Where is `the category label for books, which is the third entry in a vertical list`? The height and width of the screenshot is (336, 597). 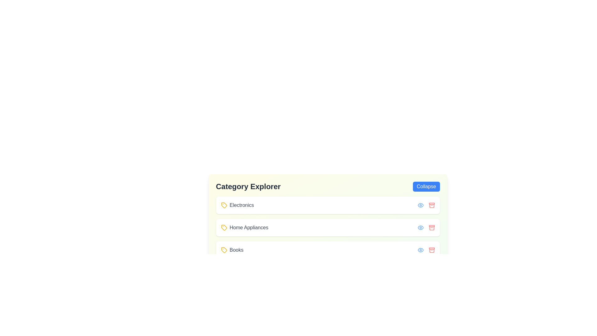 the category label for books, which is the third entry in a vertical list is located at coordinates (232, 250).